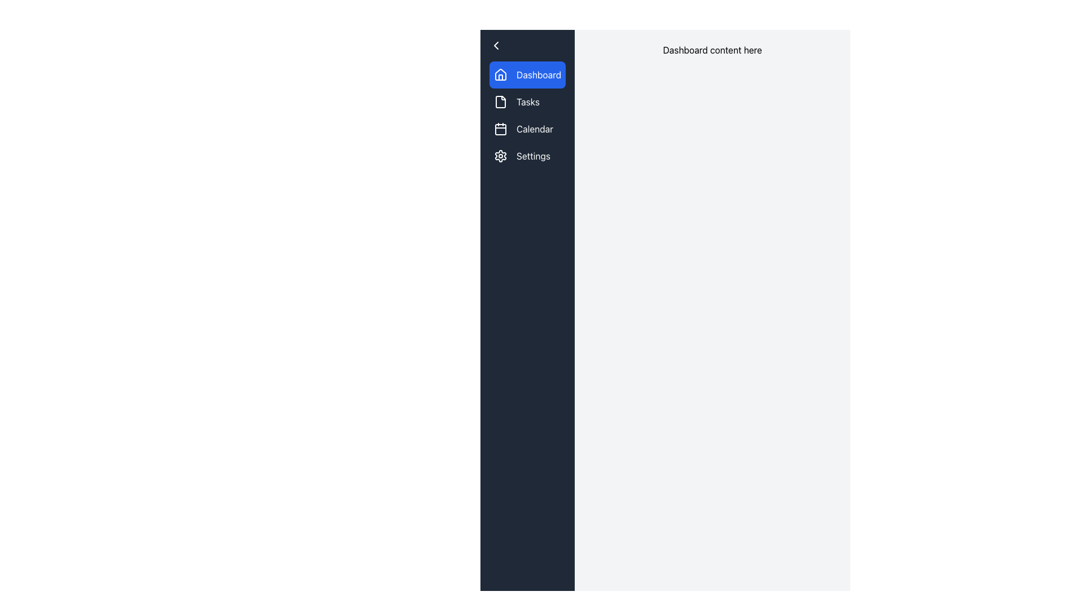 This screenshot has width=1084, height=609. I want to click on the 'Dashboard' button located at the top of the sidebar menu, so click(527, 74).